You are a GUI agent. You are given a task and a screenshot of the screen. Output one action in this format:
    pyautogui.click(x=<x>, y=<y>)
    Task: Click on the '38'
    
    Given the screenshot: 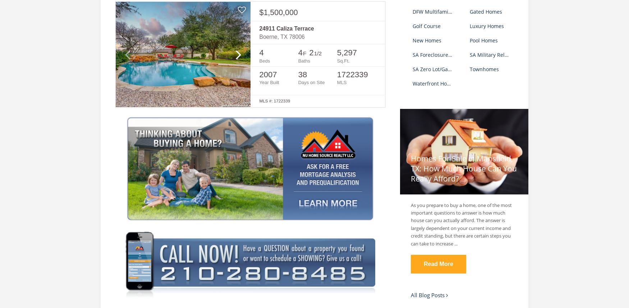 What is the action you would take?
    pyautogui.click(x=302, y=74)
    